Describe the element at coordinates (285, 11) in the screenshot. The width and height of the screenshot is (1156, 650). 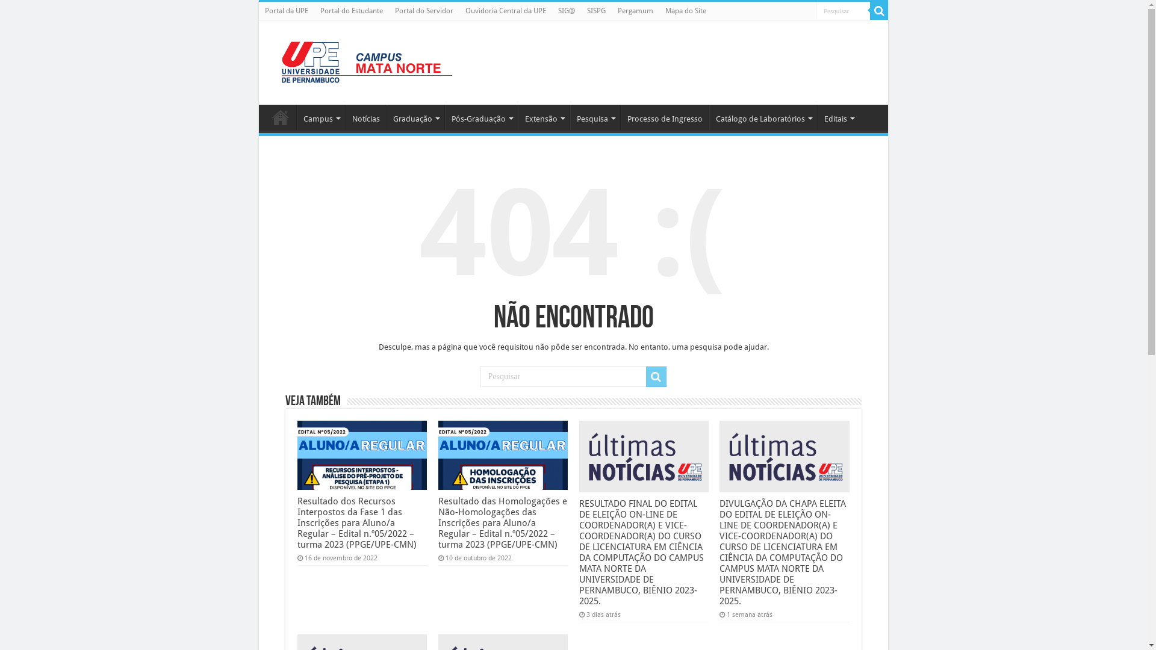
I see `'Portal da UPE'` at that location.